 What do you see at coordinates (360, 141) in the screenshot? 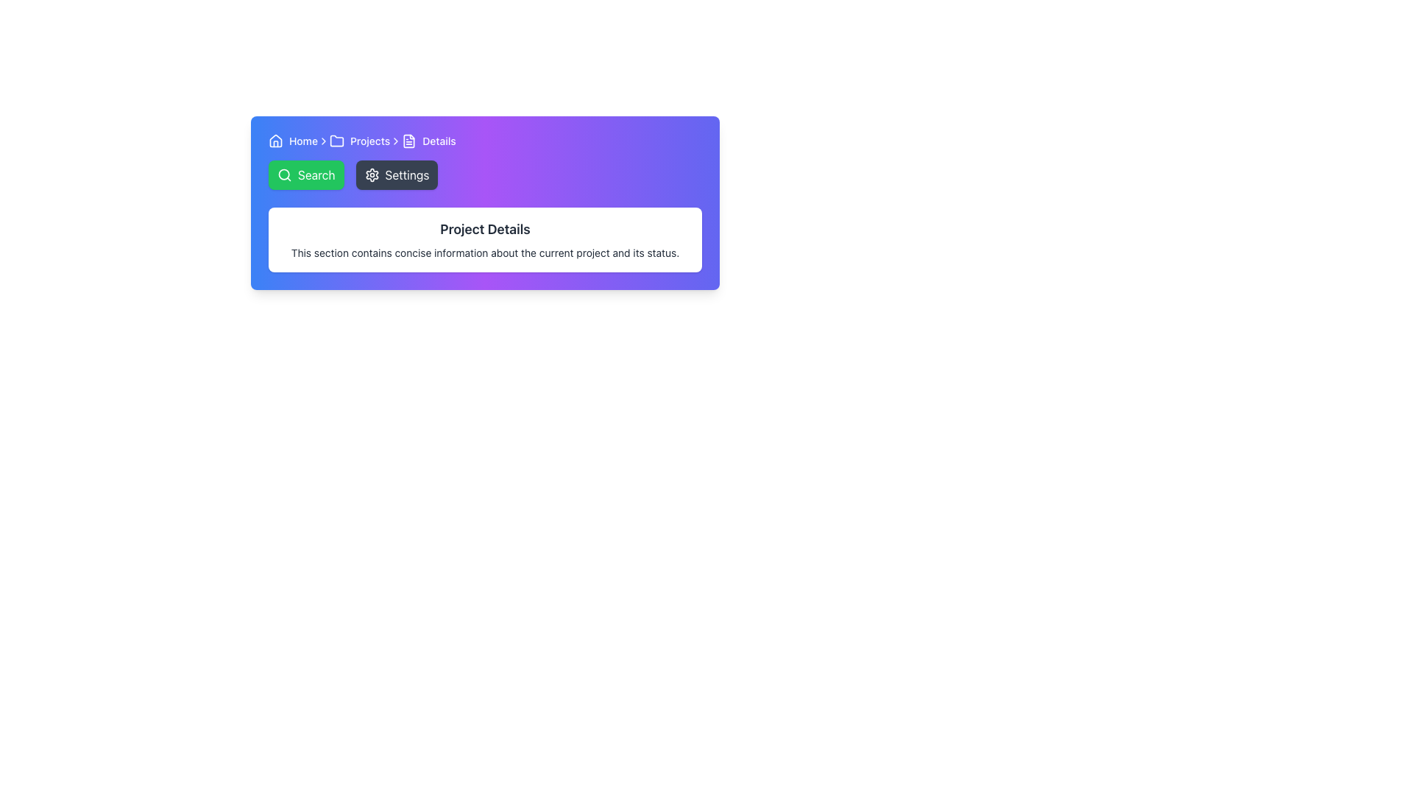
I see `the 'Projects' breadcrumb navigation item` at bounding box center [360, 141].